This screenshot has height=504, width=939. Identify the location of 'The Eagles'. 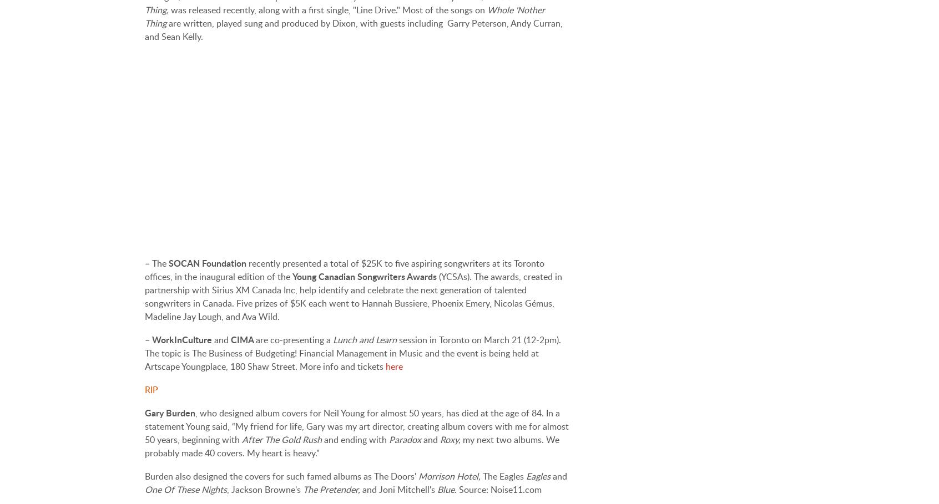
(482, 476).